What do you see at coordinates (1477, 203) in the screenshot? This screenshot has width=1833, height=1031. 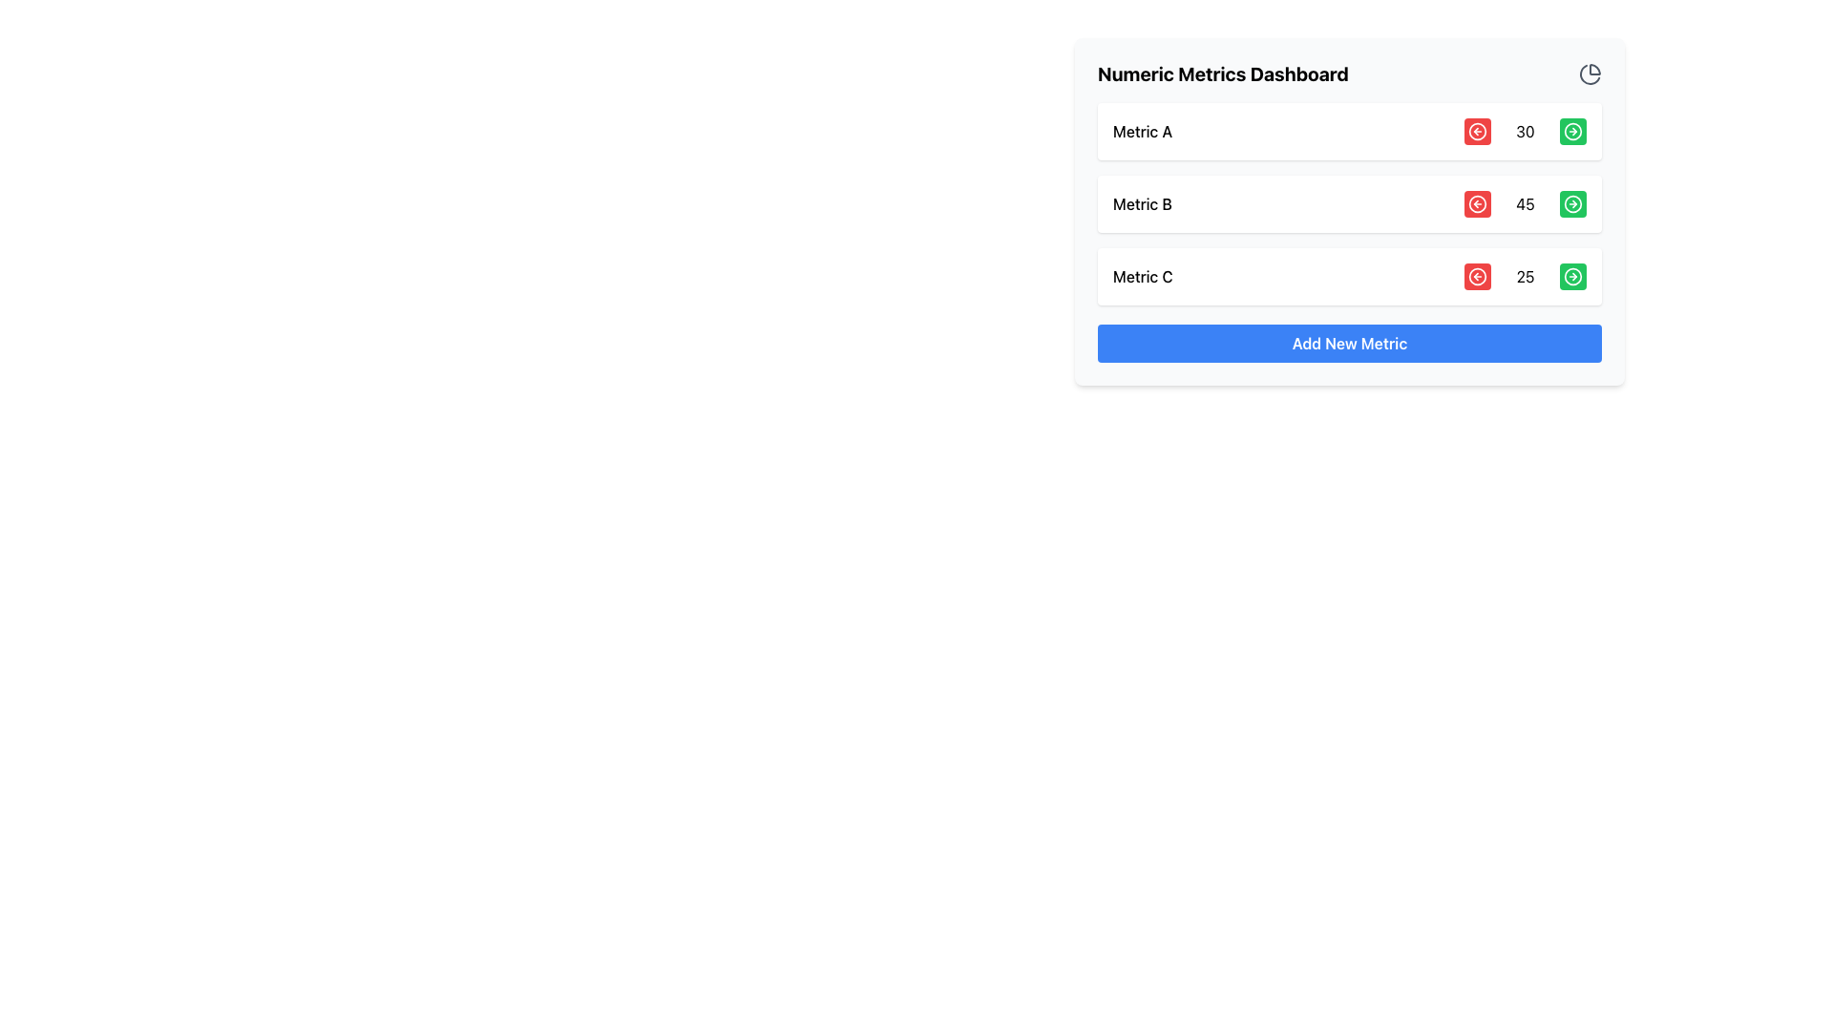 I see `the circular red button with a white outlined left arrow, located on the second row to the left of the number '45'` at bounding box center [1477, 203].